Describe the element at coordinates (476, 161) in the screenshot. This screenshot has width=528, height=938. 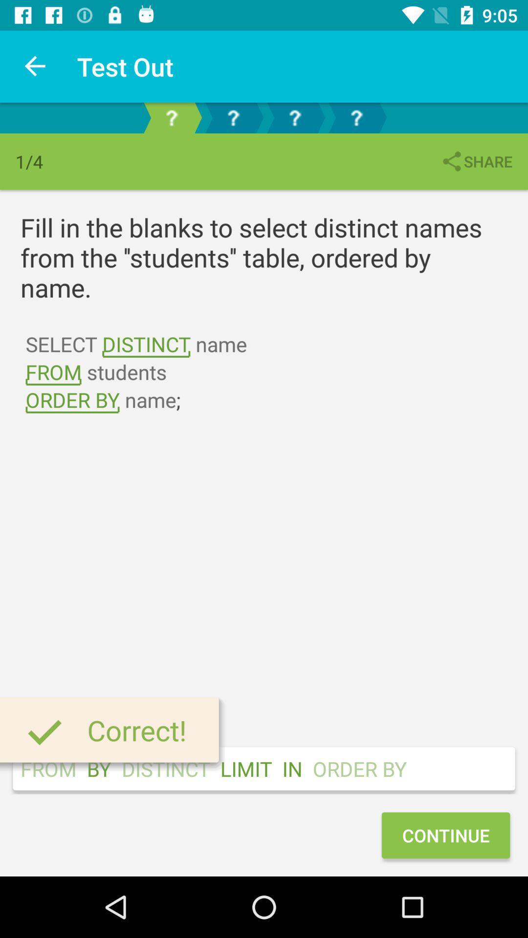
I see `the item above fill in the item` at that location.